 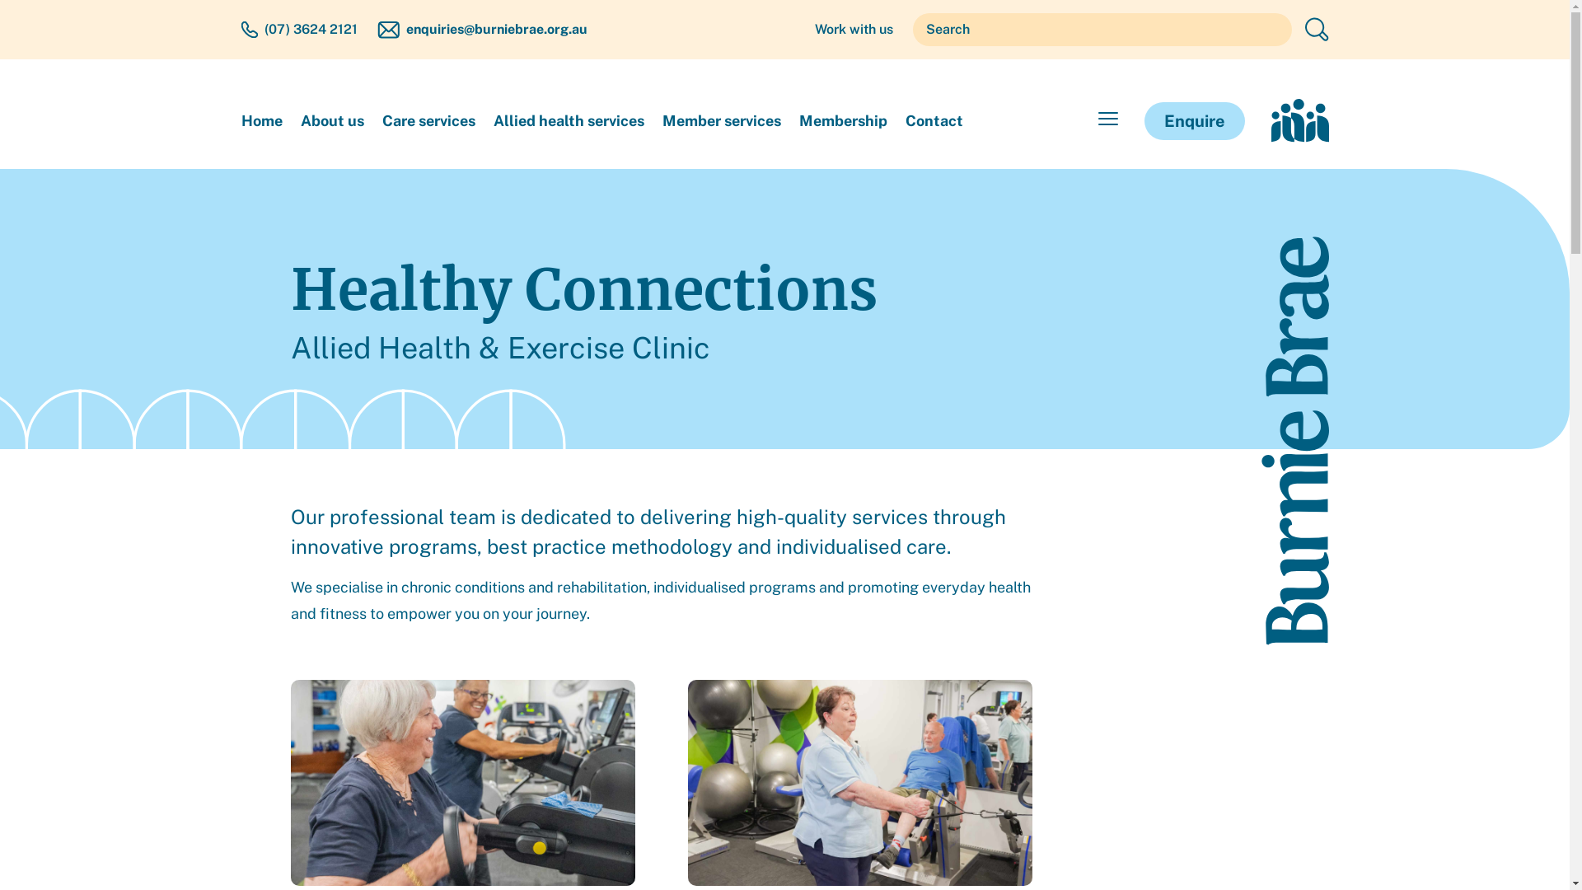 I want to click on 'Contact', so click(x=933, y=119).